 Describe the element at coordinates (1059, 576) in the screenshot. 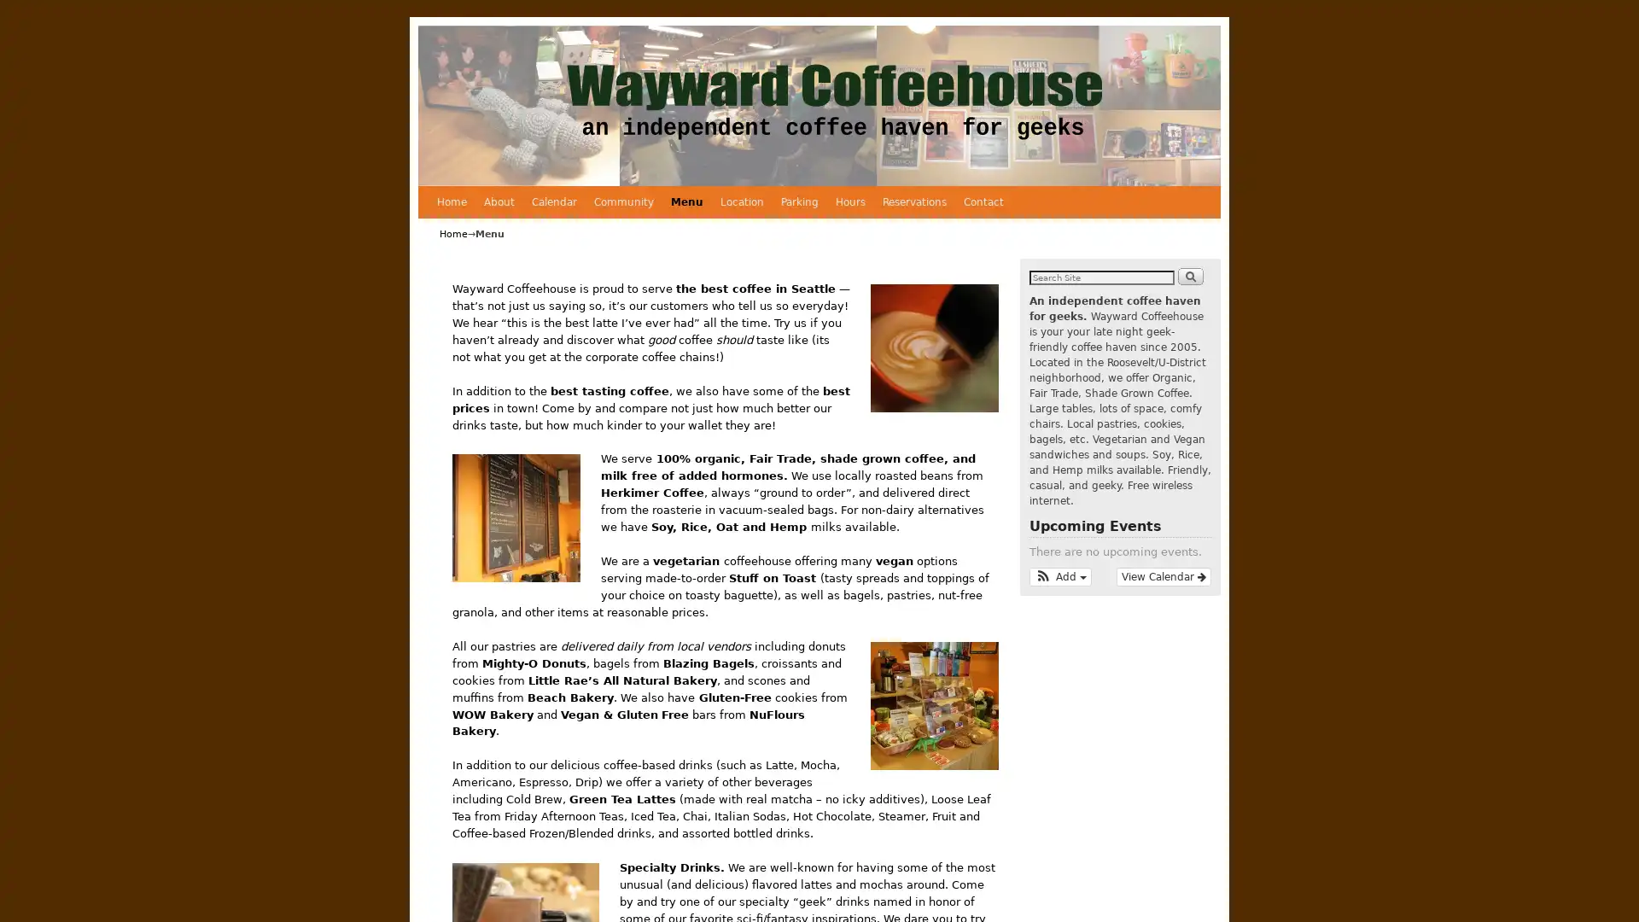

I see `Add` at that location.